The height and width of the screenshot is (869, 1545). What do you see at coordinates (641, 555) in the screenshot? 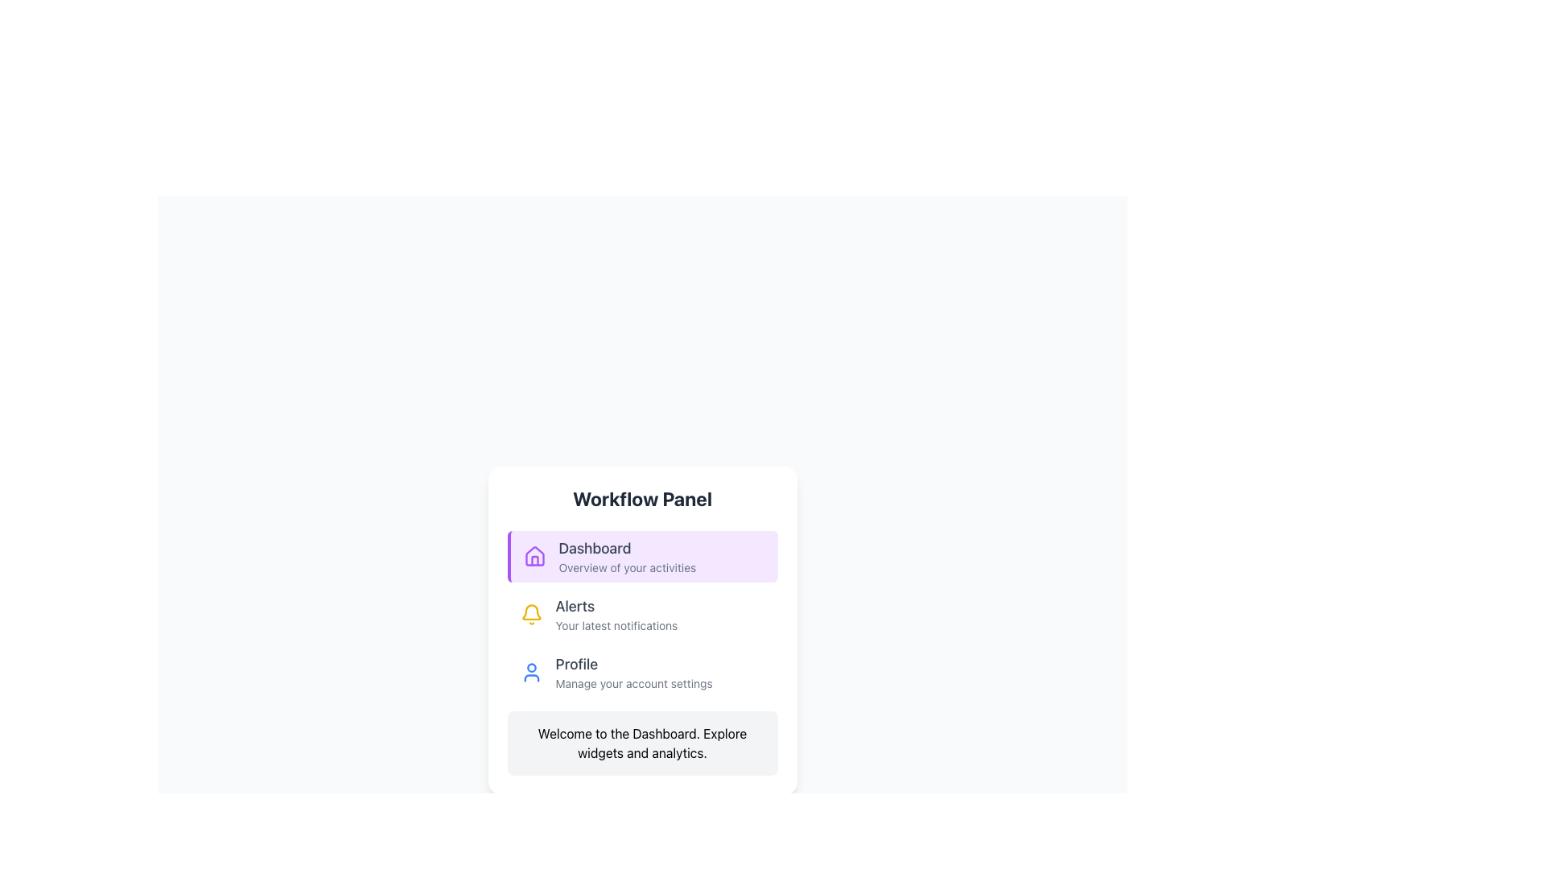
I see `the navigation button in the Workflow Panel that leads to the Dashboard section of the application` at bounding box center [641, 555].